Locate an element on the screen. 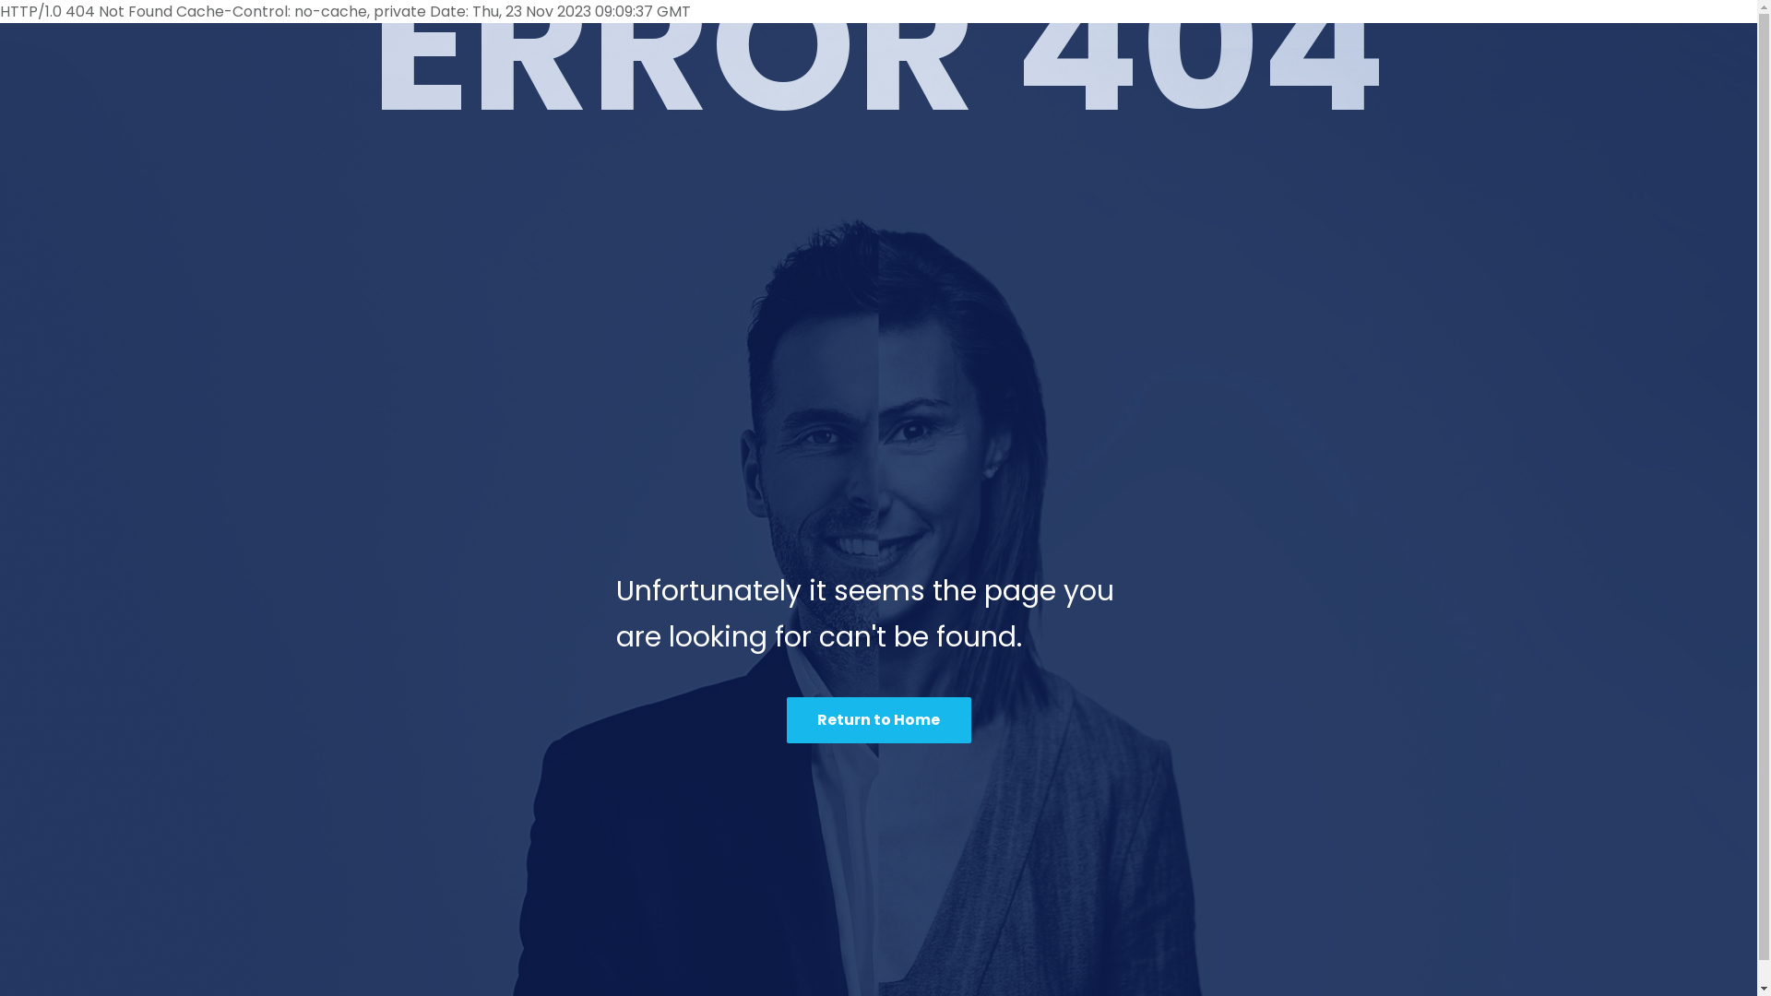 The image size is (1771, 996). 'Return to Home' is located at coordinates (876, 718).